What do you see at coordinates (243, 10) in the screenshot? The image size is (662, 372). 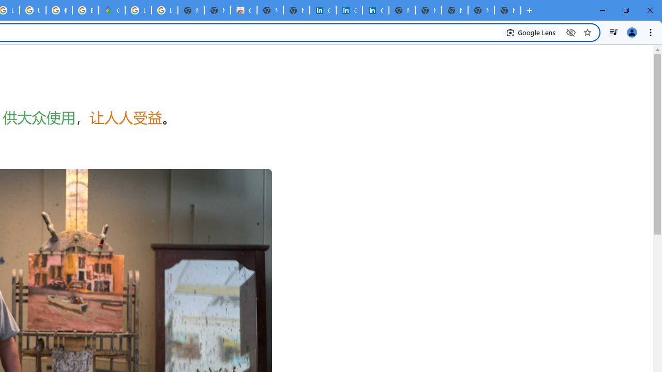 I see `'Chrome Web Store'` at bounding box center [243, 10].